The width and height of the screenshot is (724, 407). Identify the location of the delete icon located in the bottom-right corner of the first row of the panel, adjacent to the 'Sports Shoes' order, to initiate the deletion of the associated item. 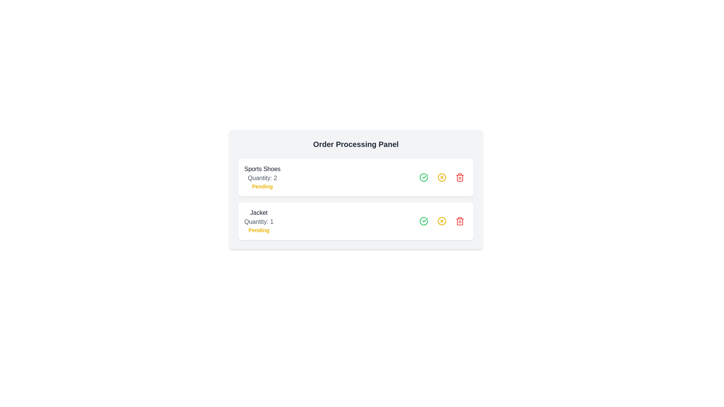
(459, 177).